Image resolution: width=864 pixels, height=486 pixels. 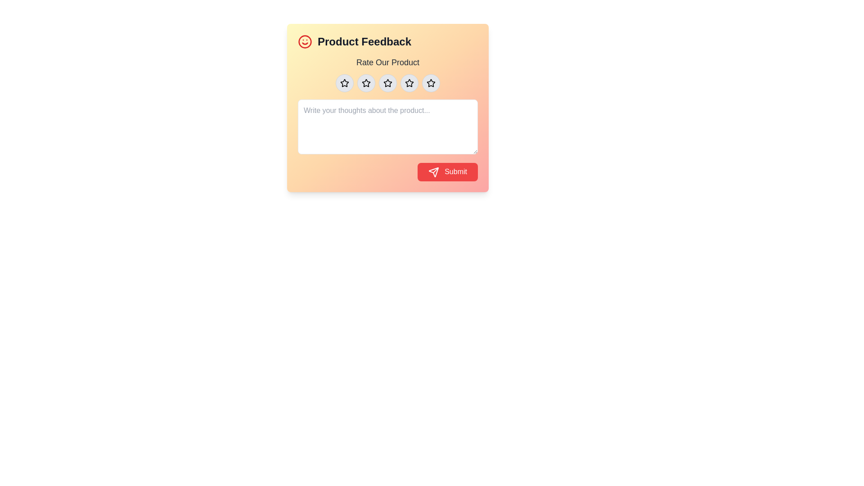 I want to click on the text label that serves as the title for the feedback form, positioned to the right of the smiley face icon, indicating its association with the feedback section, so click(x=364, y=41).